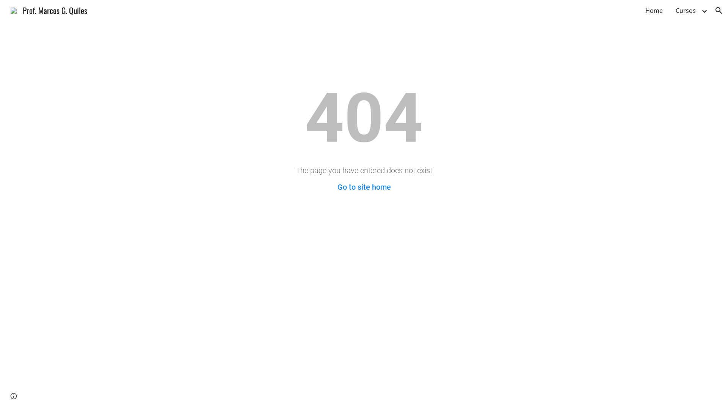 Image resolution: width=728 pixels, height=409 pixels. I want to click on 'Prof. Marcos G. Quiles', so click(49, 9).